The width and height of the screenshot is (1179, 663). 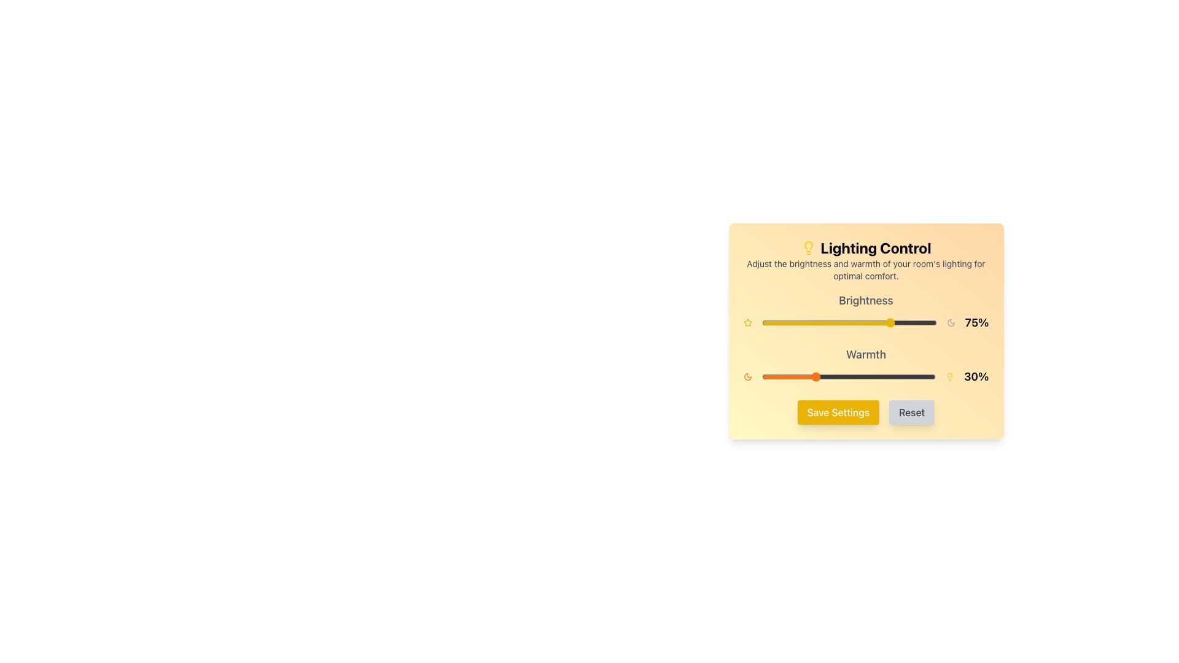 I want to click on the brightness, so click(x=885, y=322).